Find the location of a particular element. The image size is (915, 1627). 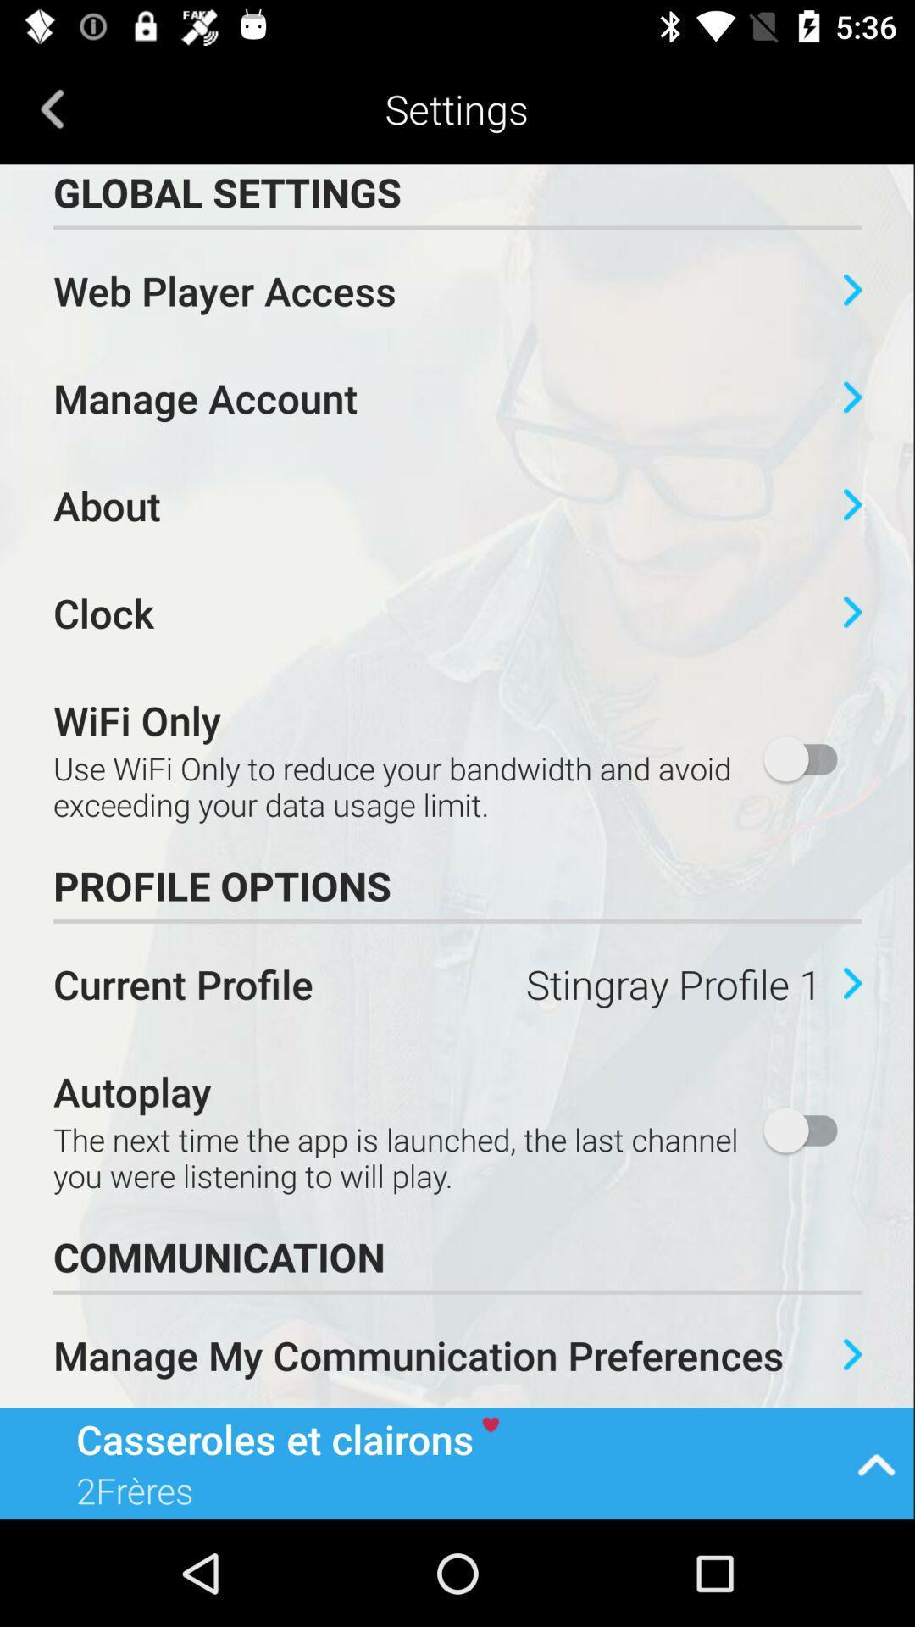

the arrow_backward icon is located at coordinates (52, 108).